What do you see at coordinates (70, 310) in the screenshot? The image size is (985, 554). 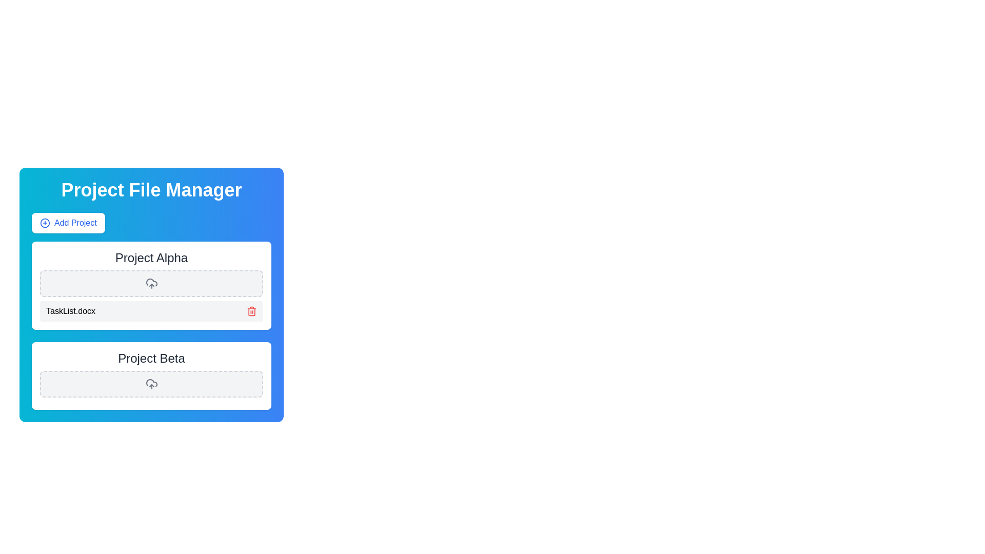 I see `the label displaying 'TaskList.docx' located within the 'Project Alpha' subsection of the 'Project File Manager', which appears in a light gray area and is positioned to the left of a red delete icon` at bounding box center [70, 310].